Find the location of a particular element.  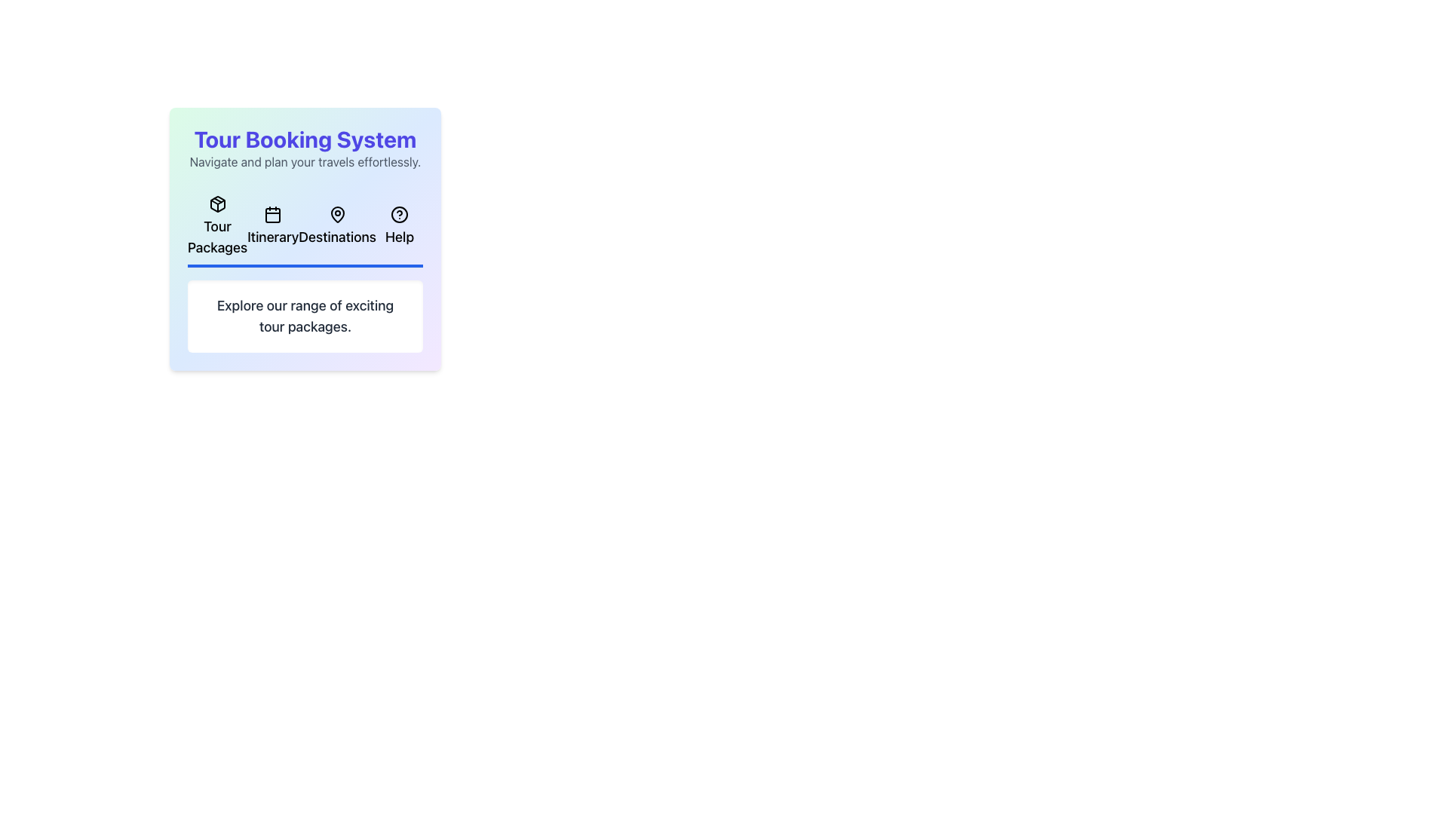

the 'Itinerary' button, which is the second item in the navigation bar is located at coordinates (272, 228).